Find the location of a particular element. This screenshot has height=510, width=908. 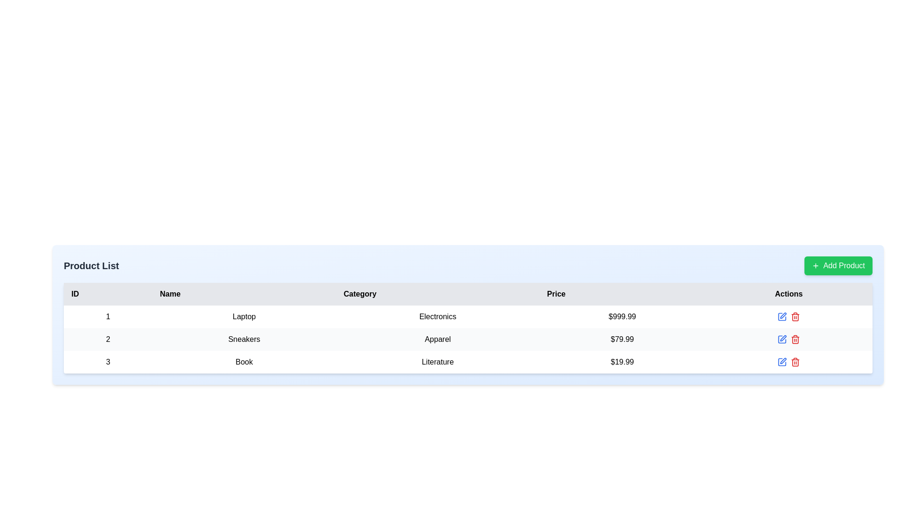

the pen-like editing icon located in the 'Actions' column of the table row for the entry named 'Book' priced at '$19.99' is located at coordinates (783, 361).